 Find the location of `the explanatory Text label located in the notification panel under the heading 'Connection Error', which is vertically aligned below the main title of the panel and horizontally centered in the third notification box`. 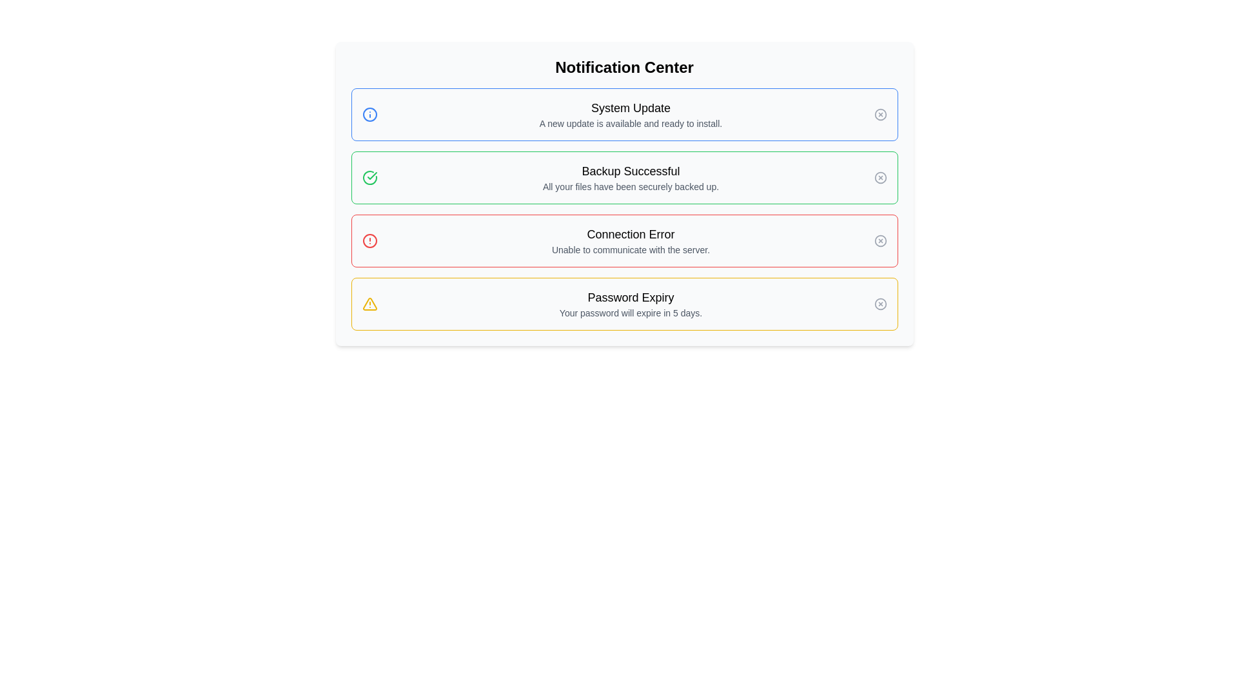

the explanatory Text label located in the notification panel under the heading 'Connection Error', which is vertically aligned below the main title of the panel and horizontally centered in the third notification box is located at coordinates (631, 250).